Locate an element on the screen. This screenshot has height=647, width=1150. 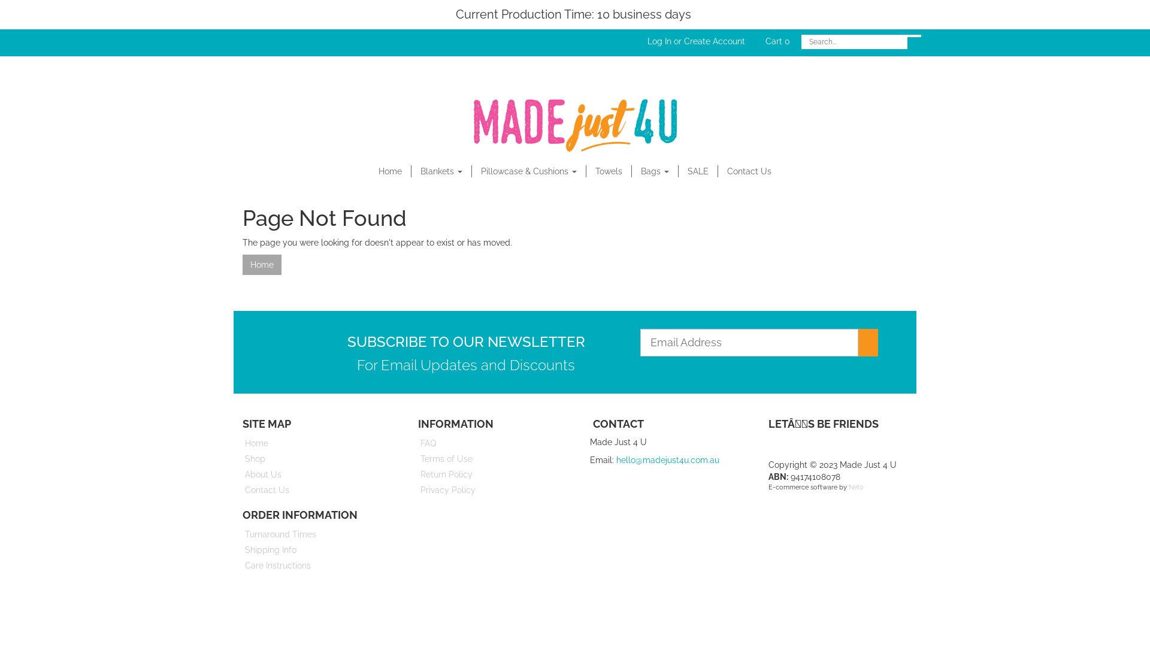
'Search' is located at coordinates (913, 35).